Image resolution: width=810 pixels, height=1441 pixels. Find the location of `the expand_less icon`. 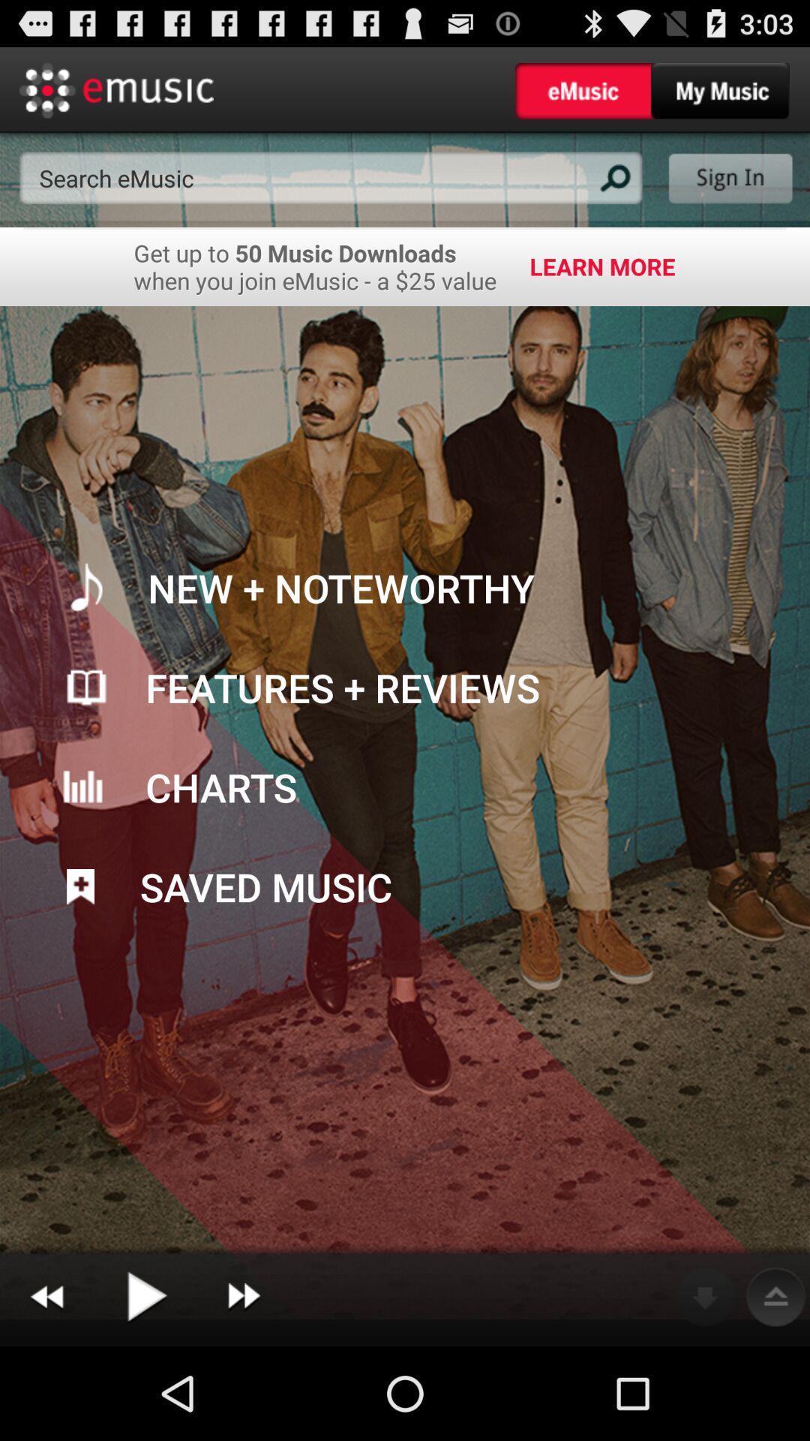

the expand_less icon is located at coordinates (775, 1388).